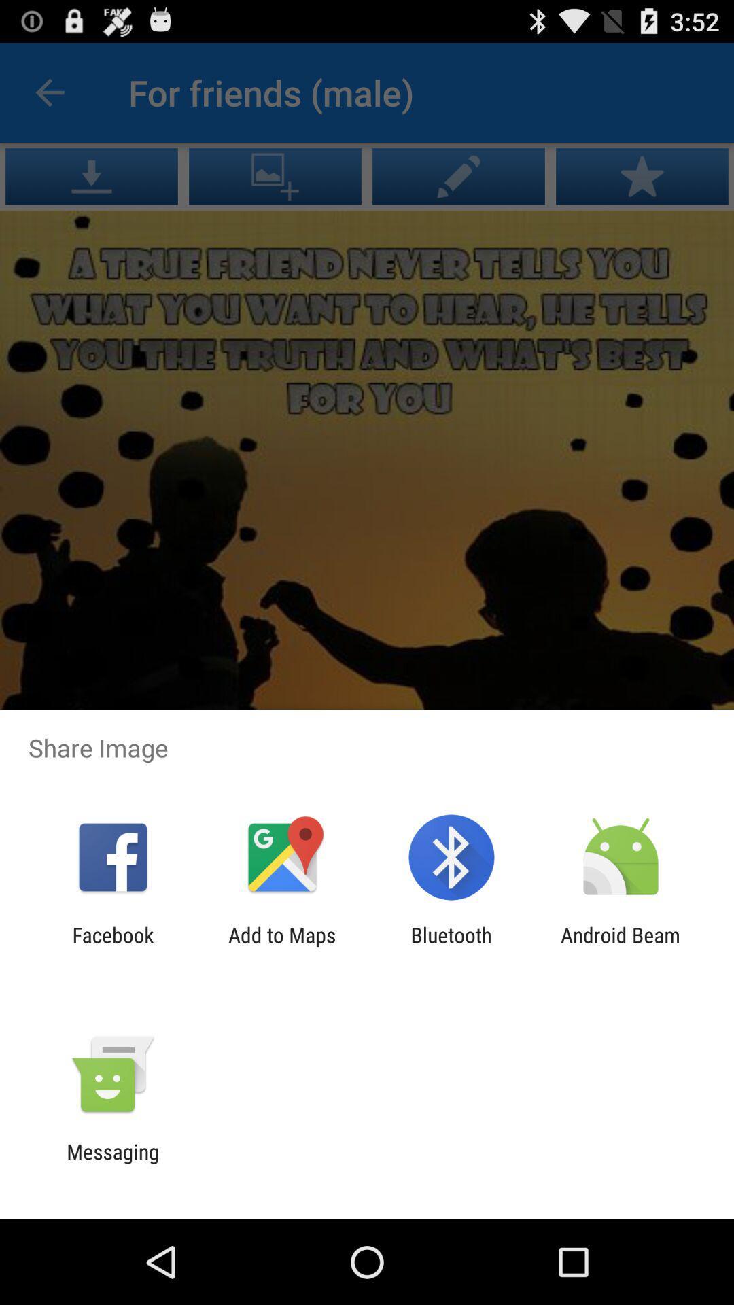 This screenshot has height=1305, width=734. What do you see at coordinates (451, 946) in the screenshot?
I see `the icon next to android beam item` at bounding box center [451, 946].